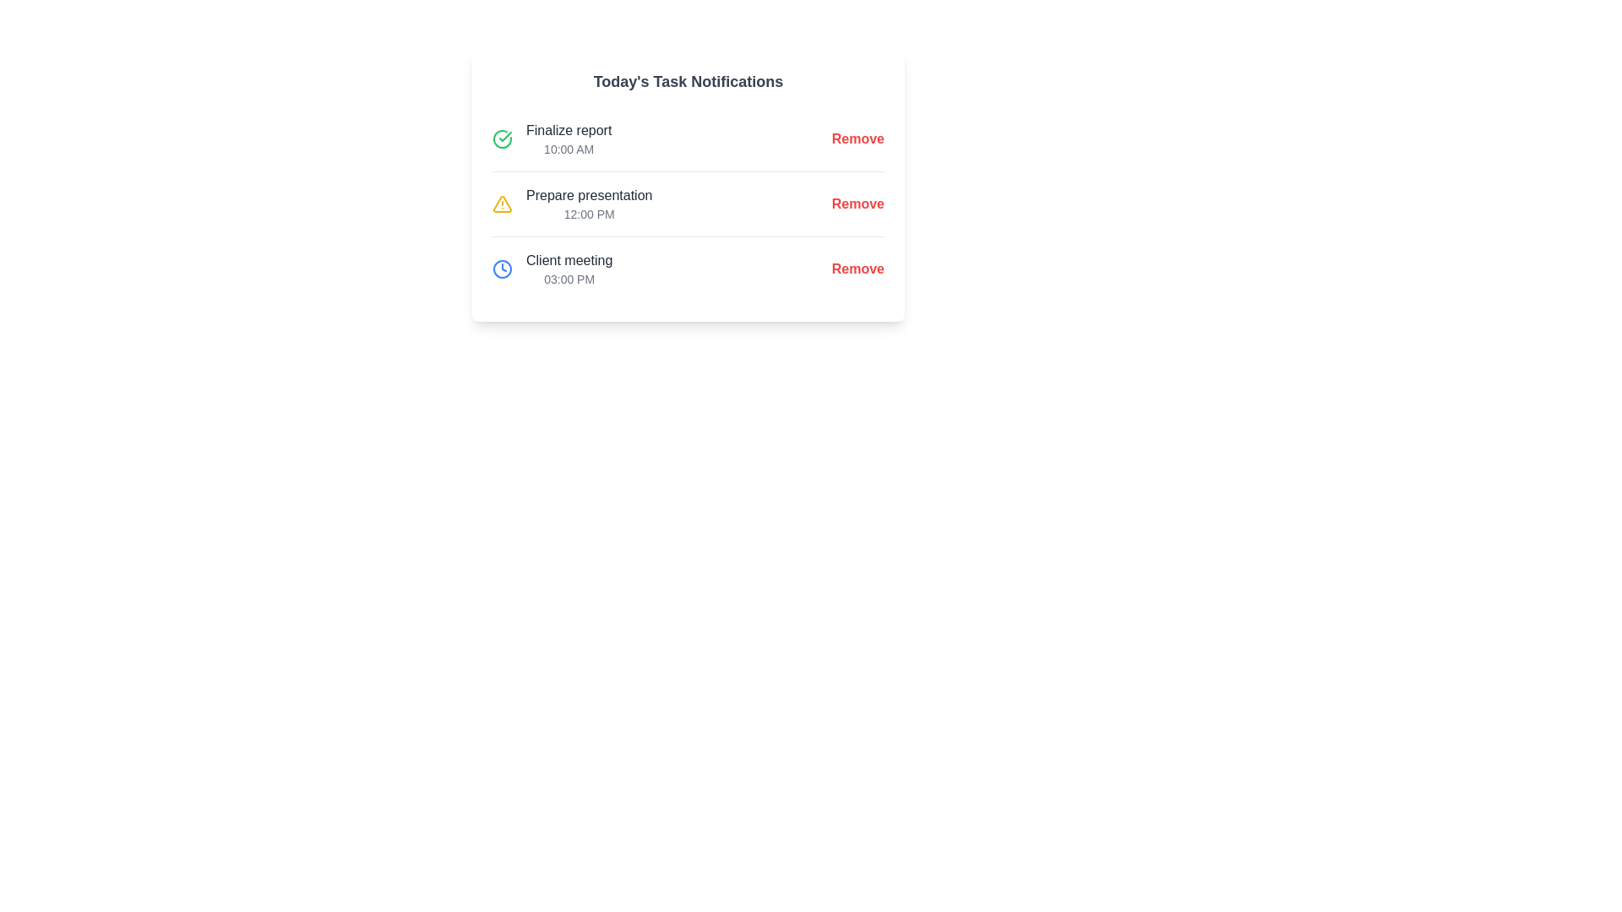 This screenshot has height=912, width=1622. I want to click on the second task label in the 'Today's Task Notifications' section, which displays the title and scheduled time of the task, located between 'Finalize report' and 'Client meeting', so click(589, 204).